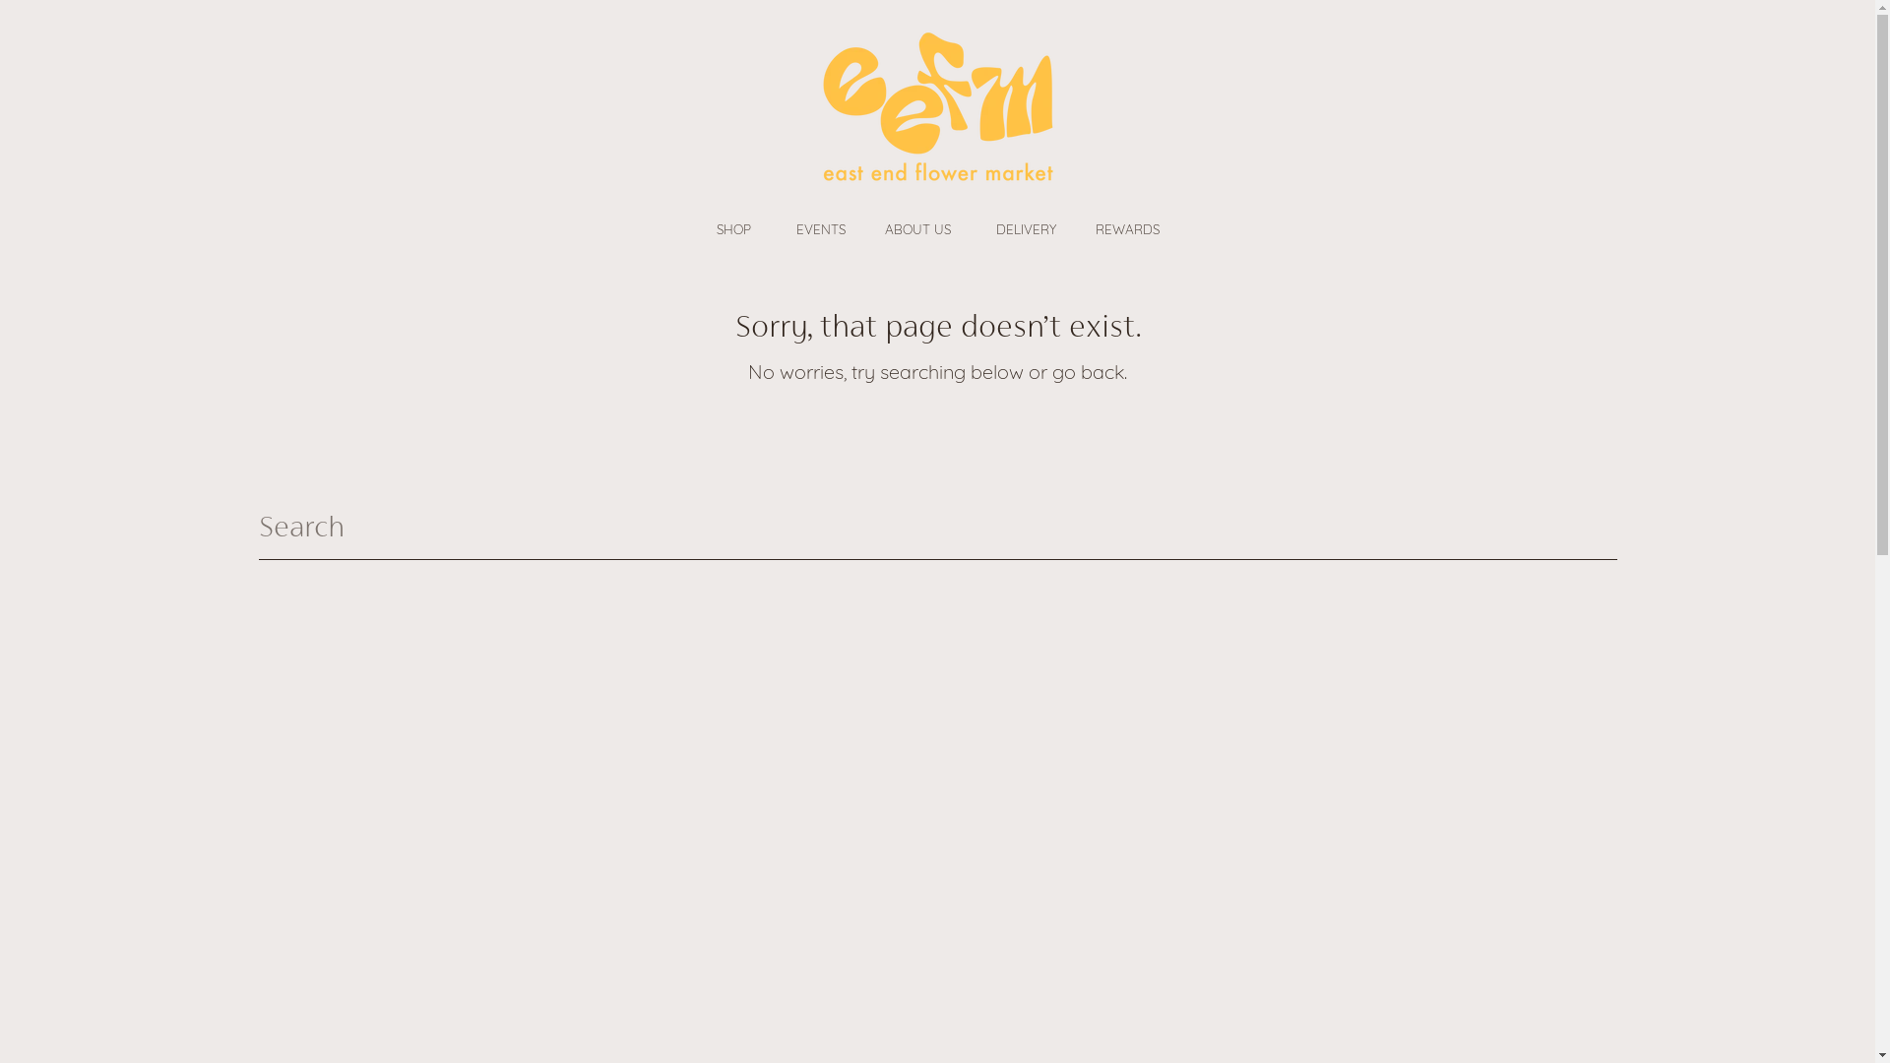 The width and height of the screenshot is (1890, 1063). What do you see at coordinates (48, 29) in the screenshot?
I see `'SKIP TO CONTENT'` at bounding box center [48, 29].